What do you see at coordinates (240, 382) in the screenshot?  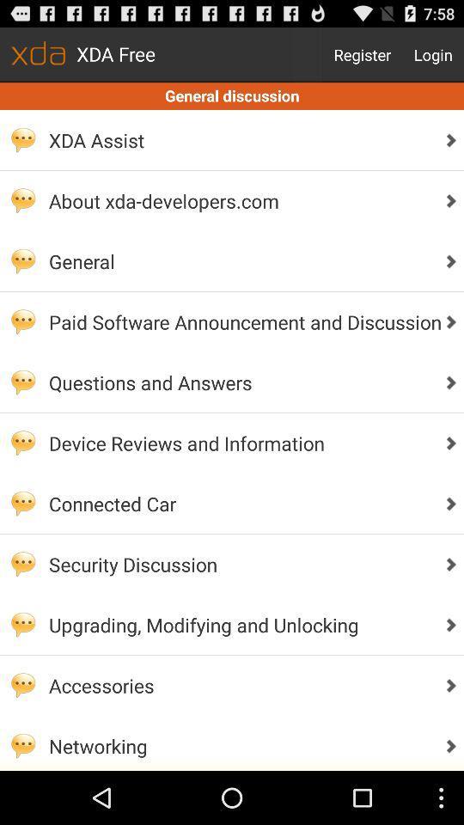 I see `the questions and answers item` at bounding box center [240, 382].